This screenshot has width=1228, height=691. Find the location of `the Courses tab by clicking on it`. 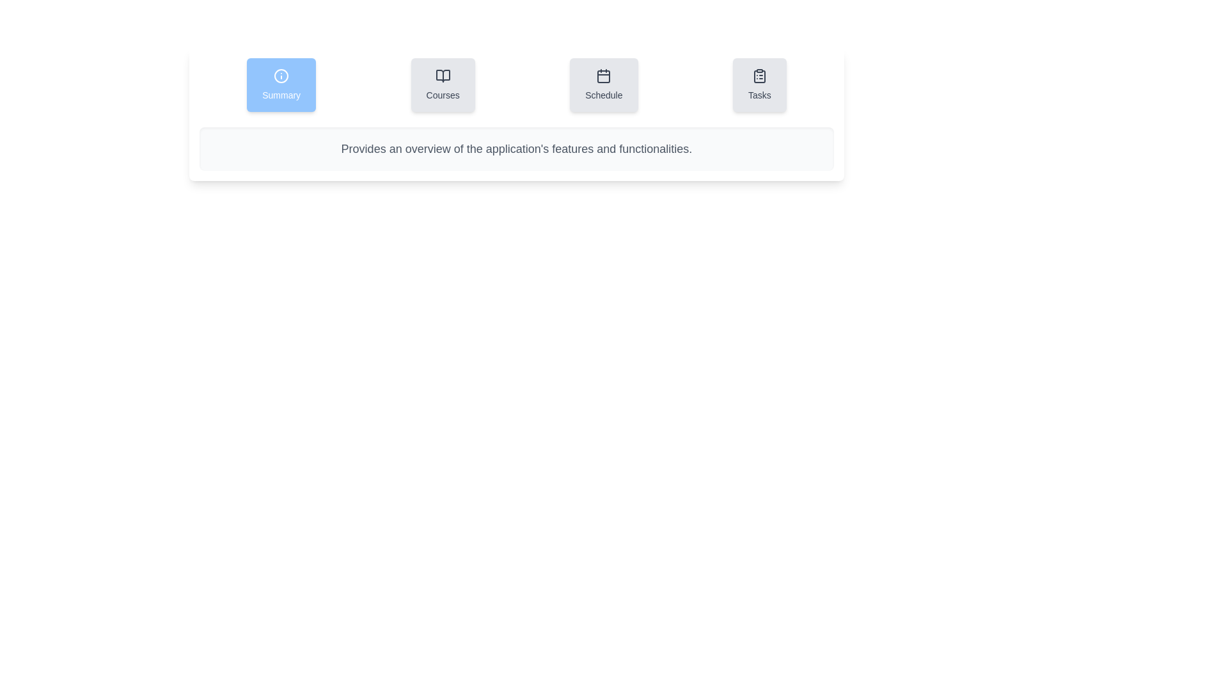

the Courses tab by clicking on it is located at coordinates (443, 84).